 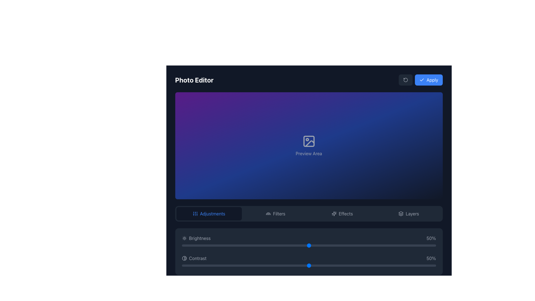 What do you see at coordinates (185, 258) in the screenshot?
I see `the small, circular segment within the larger contrast adjustment icon located in the 'Contrast' section beneath the 'Adjustments' tab` at bounding box center [185, 258].